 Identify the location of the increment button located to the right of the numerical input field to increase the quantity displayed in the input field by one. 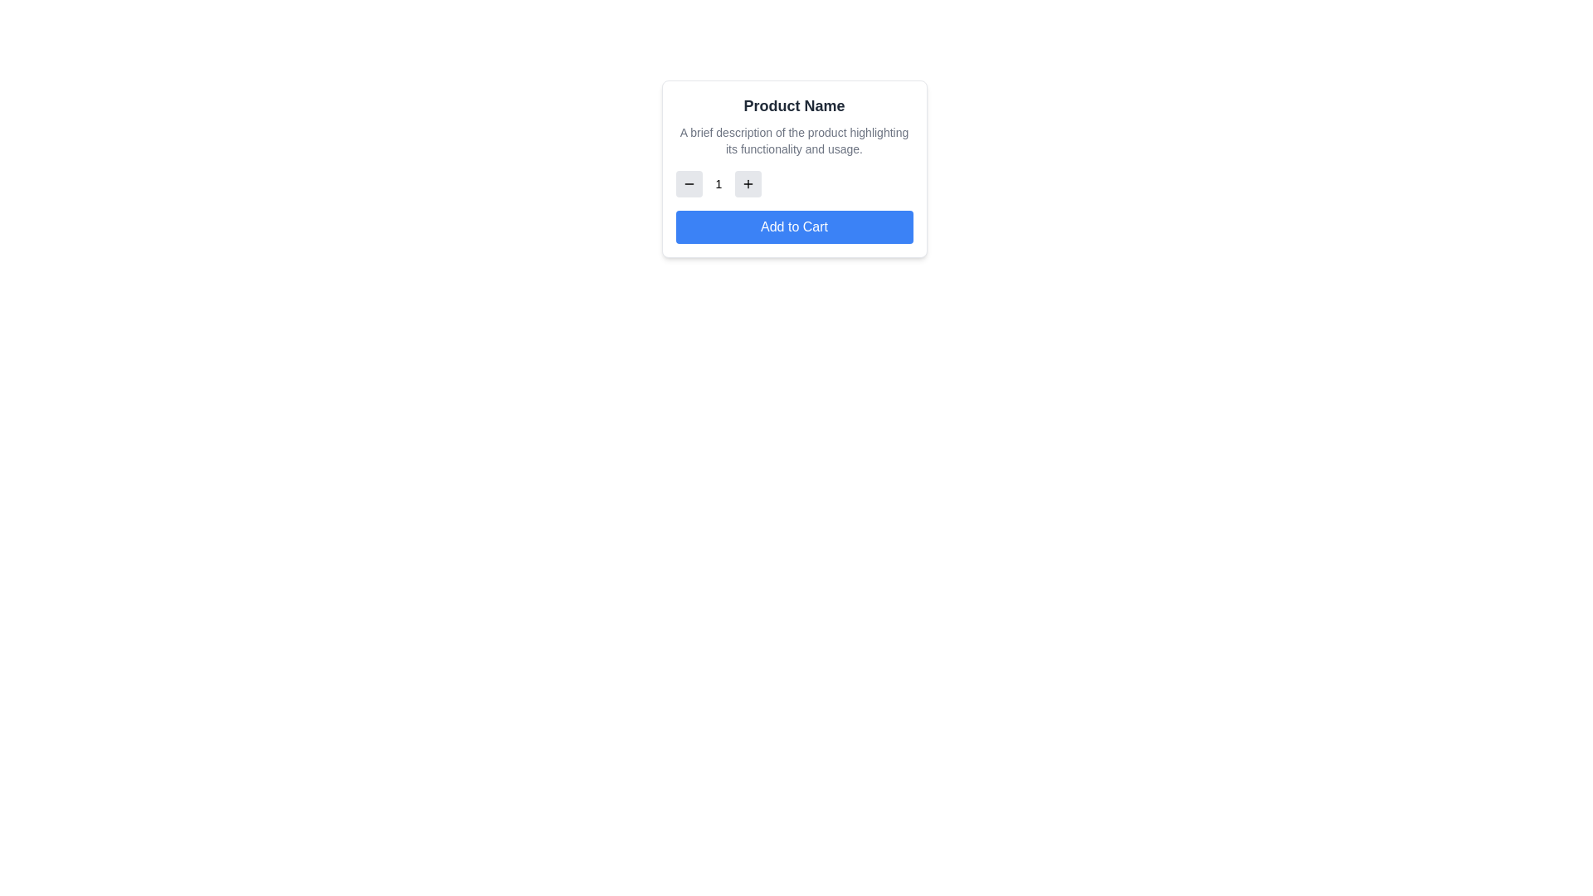
(748, 184).